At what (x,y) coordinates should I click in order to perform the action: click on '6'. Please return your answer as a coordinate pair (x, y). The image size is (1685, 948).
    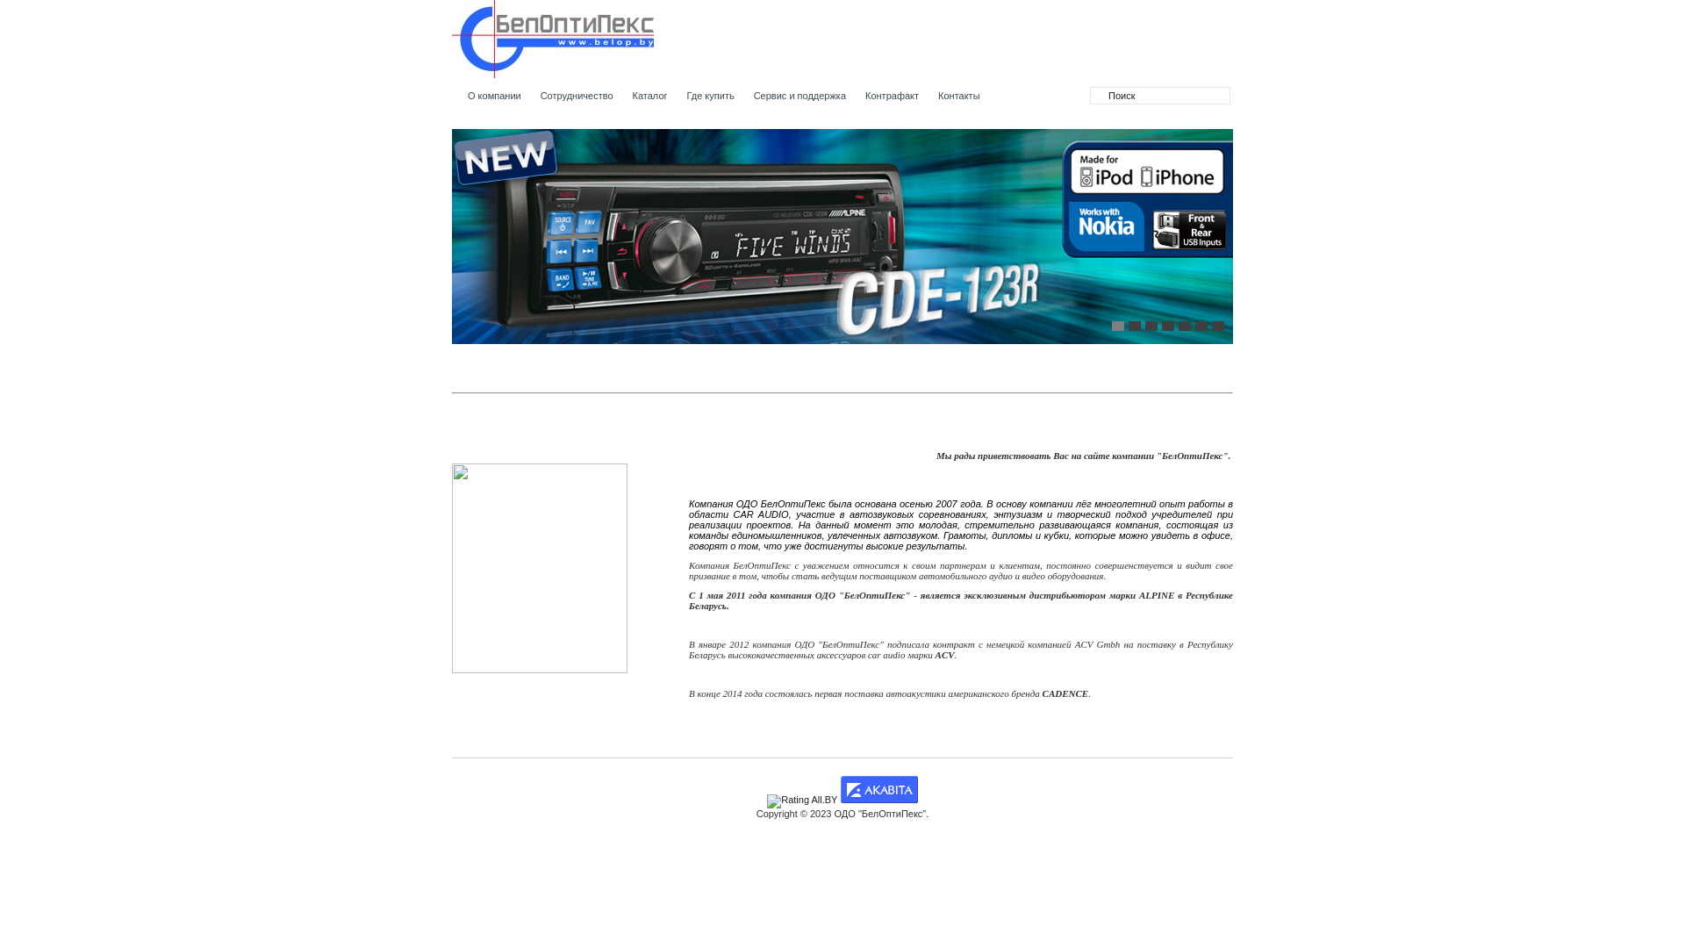
    Looking at the image, I should click on (1200, 326).